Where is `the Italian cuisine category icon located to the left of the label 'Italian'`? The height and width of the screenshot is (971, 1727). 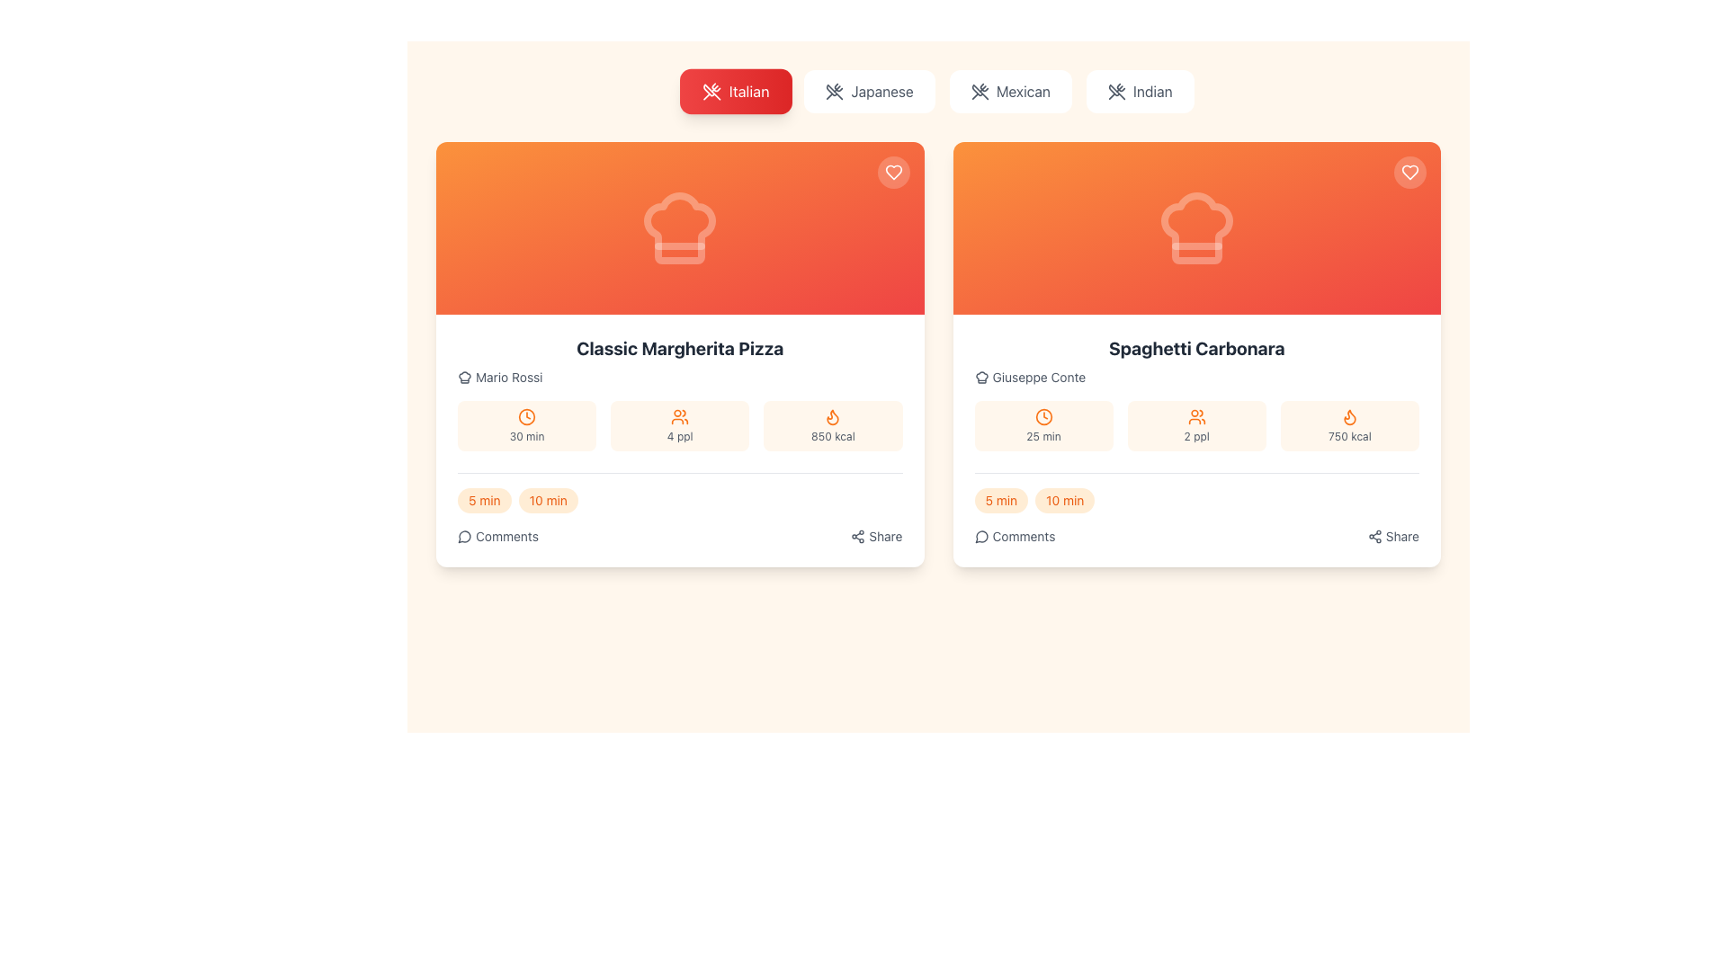 the Italian cuisine category icon located to the left of the label 'Italian' is located at coordinates (711, 91).